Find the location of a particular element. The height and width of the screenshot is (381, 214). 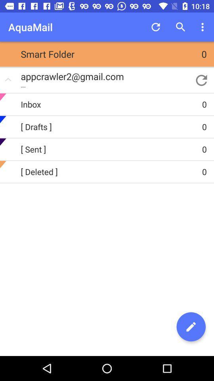

the icon above smart folder icon is located at coordinates (156, 27).